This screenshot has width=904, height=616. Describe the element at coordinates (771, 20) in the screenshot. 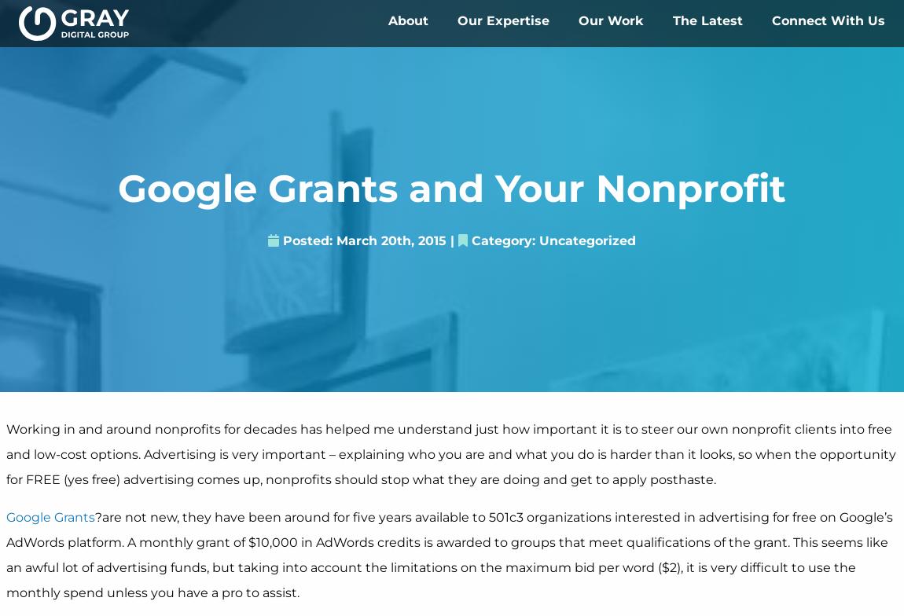

I see `'Connect With Us'` at that location.